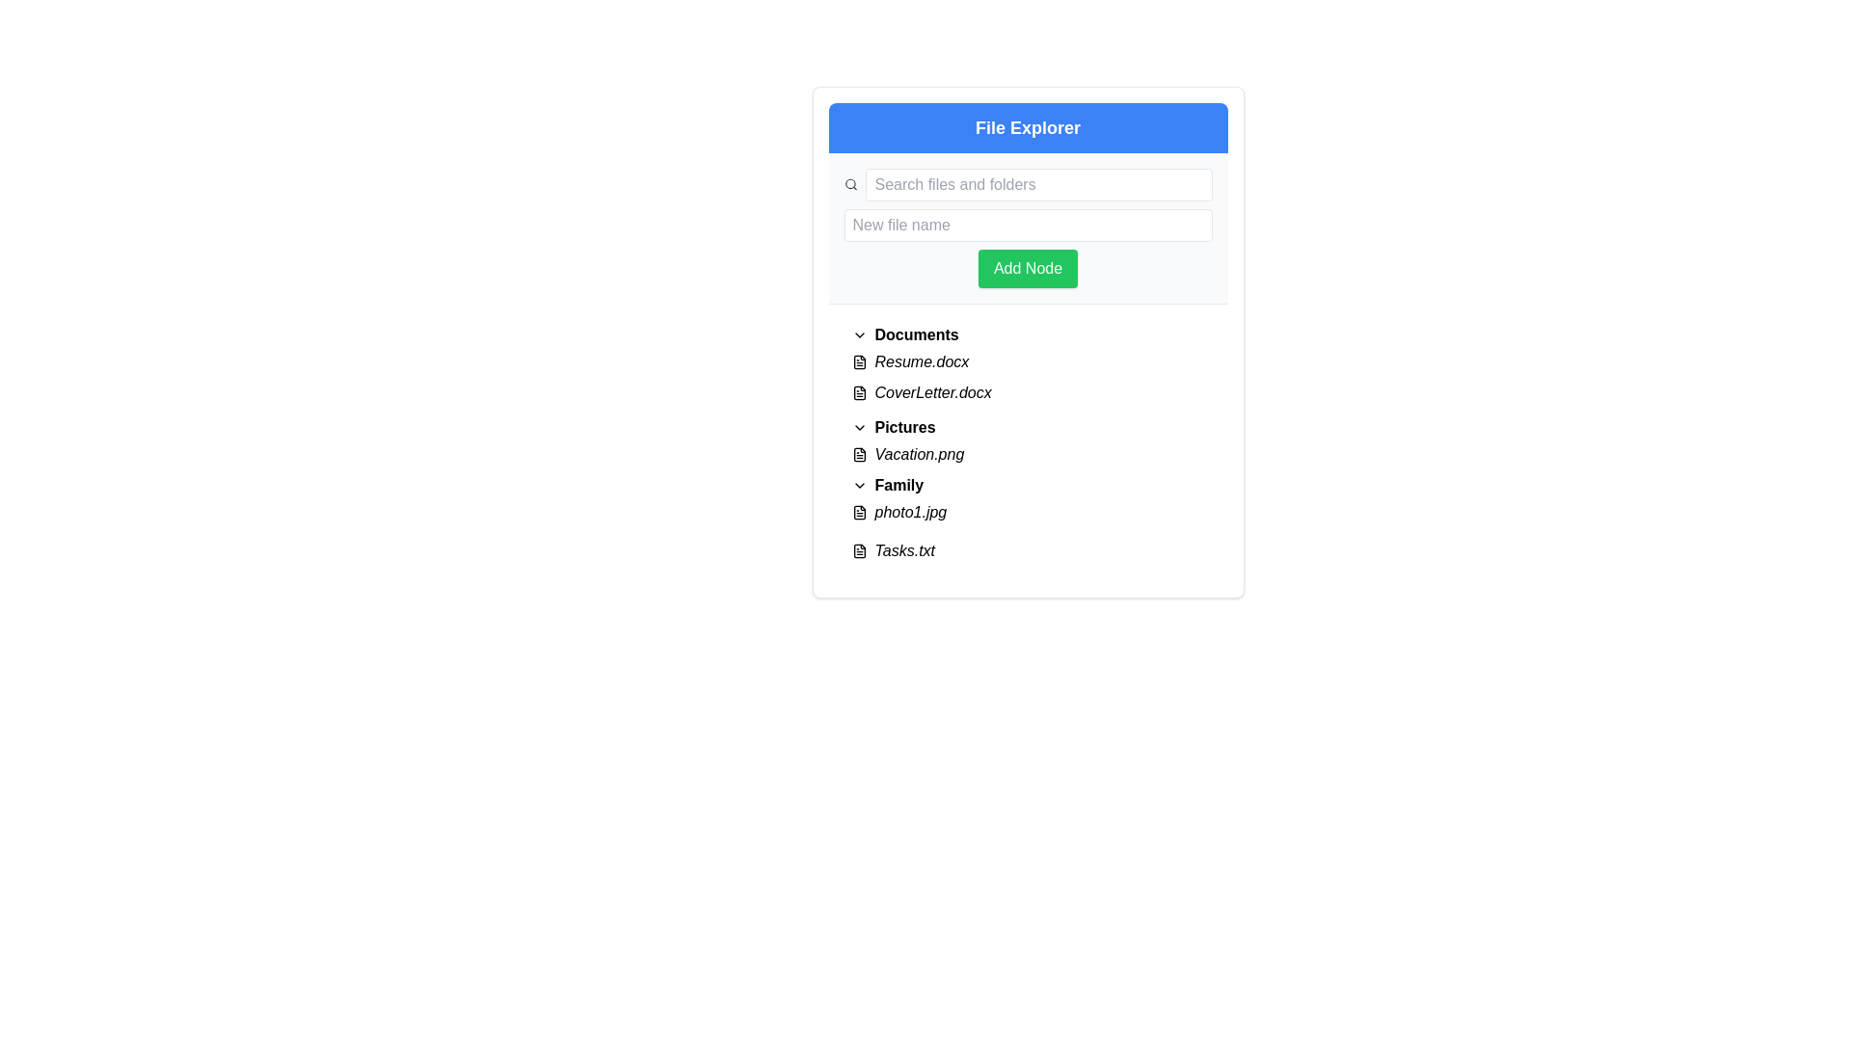  Describe the element at coordinates (858, 392) in the screenshot. I see `the text document icon located` at that location.